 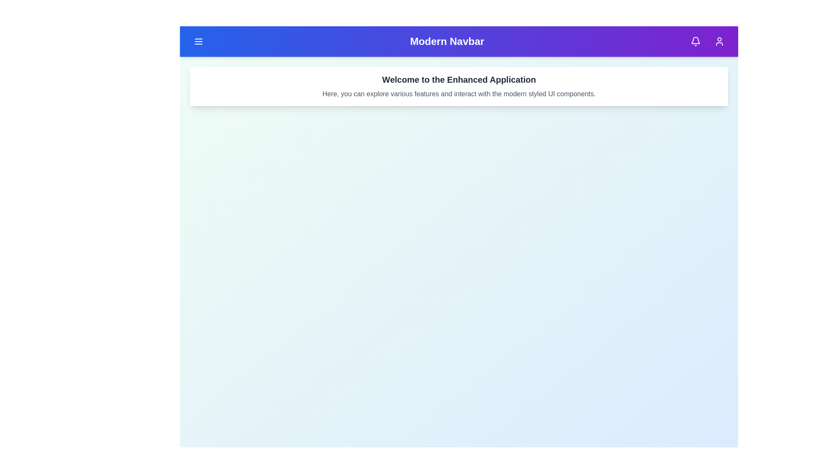 What do you see at coordinates (446, 41) in the screenshot?
I see `the header title 'Modern Navbar'` at bounding box center [446, 41].